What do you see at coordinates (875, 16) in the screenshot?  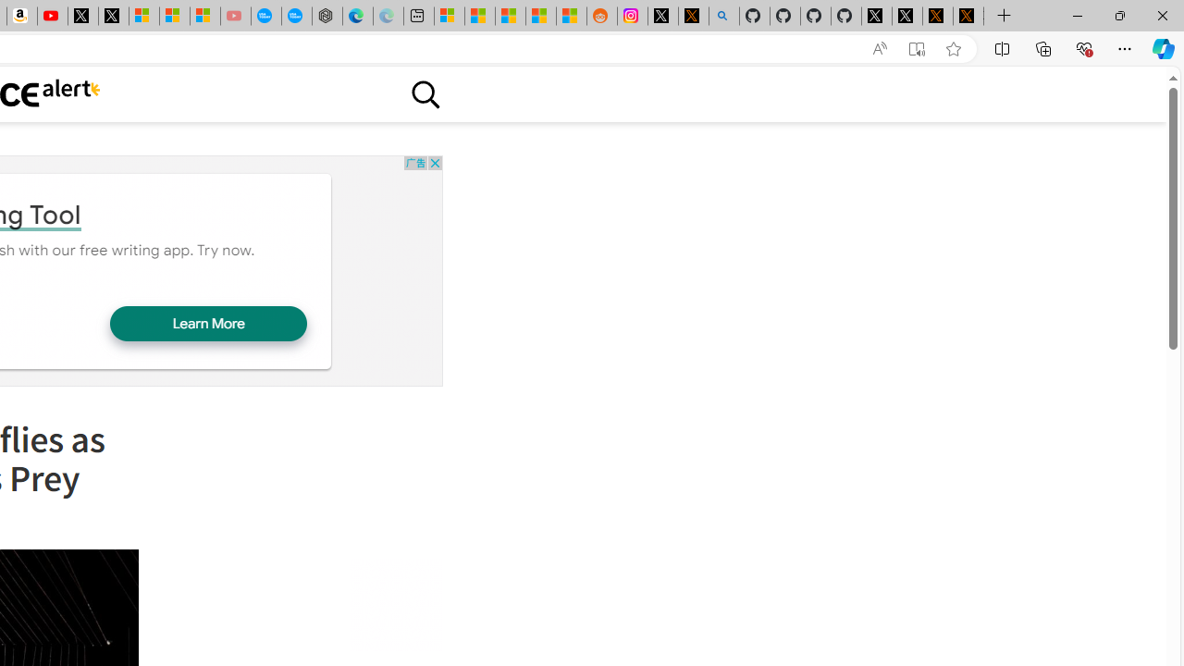 I see `'Profile / X'` at bounding box center [875, 16].